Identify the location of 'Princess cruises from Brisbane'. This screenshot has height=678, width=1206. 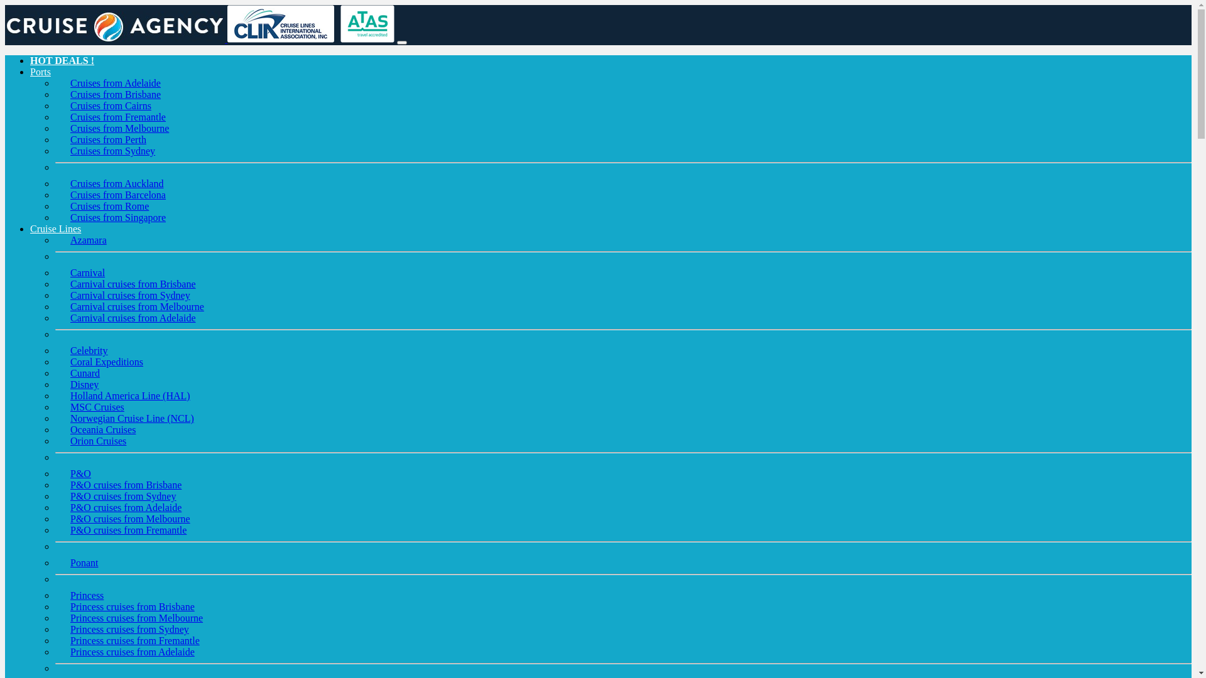
(133, 606).